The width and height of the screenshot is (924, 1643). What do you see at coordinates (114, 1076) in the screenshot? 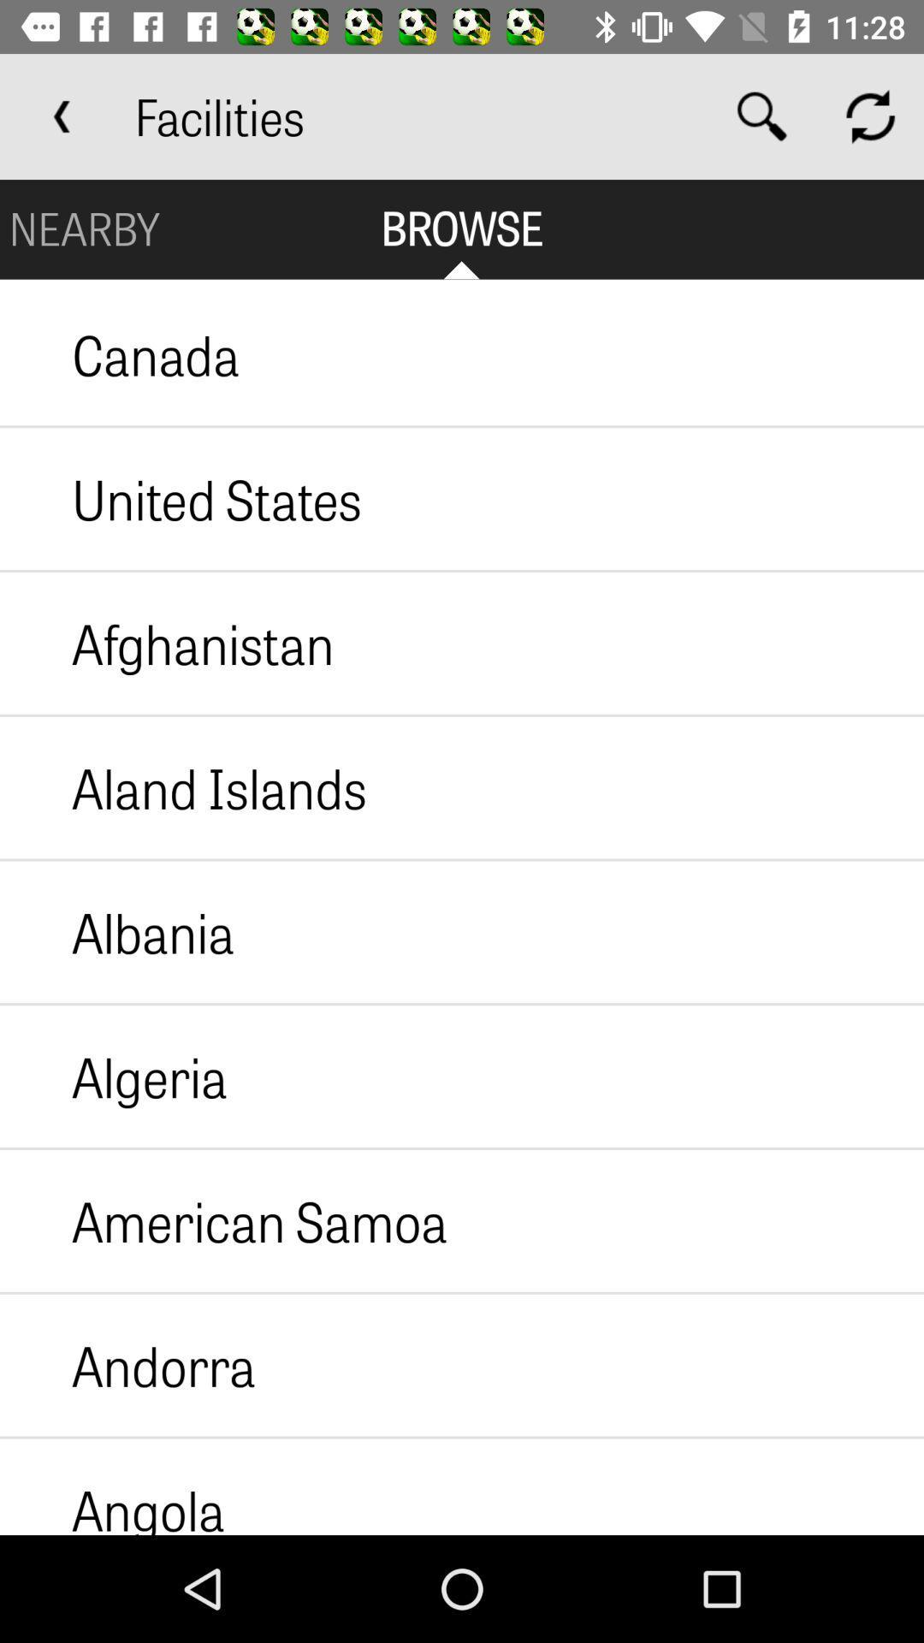
I see `the algeria` at bounding box center [114, 1076].